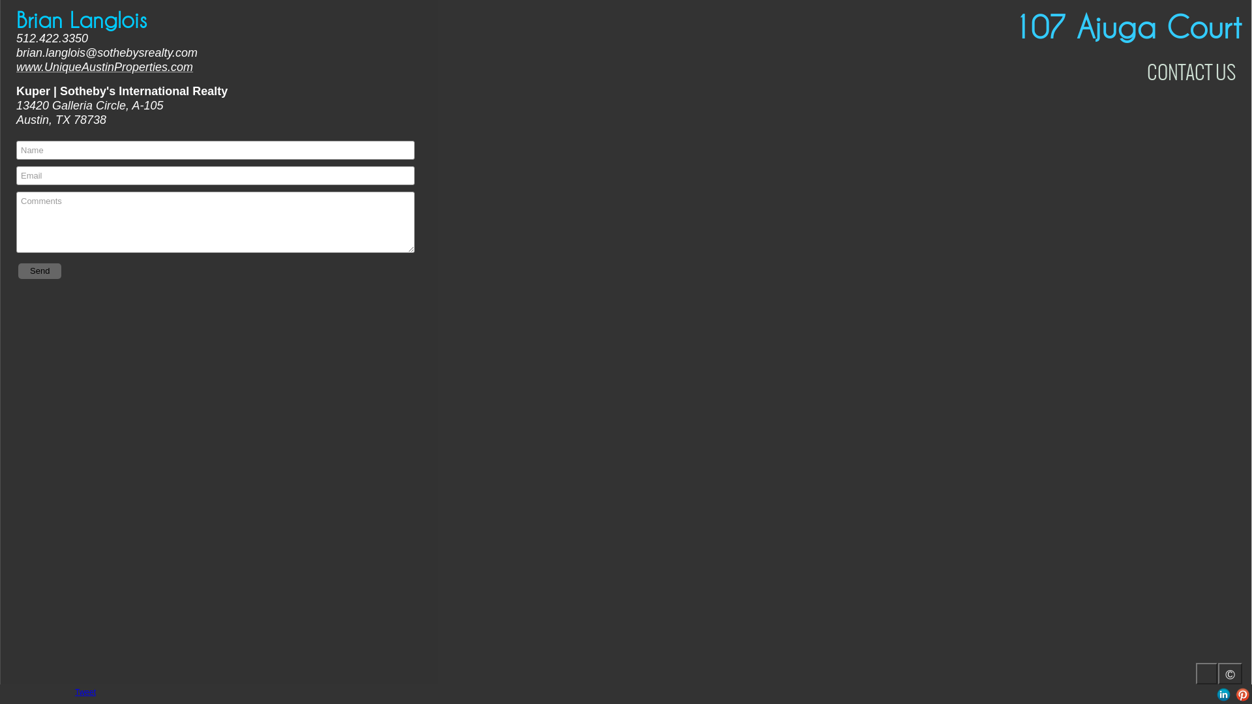  Describe the element at coordinates (104, 67) in the screenshot. I see `'www.UniqueAustinProperties.com'` at that location.